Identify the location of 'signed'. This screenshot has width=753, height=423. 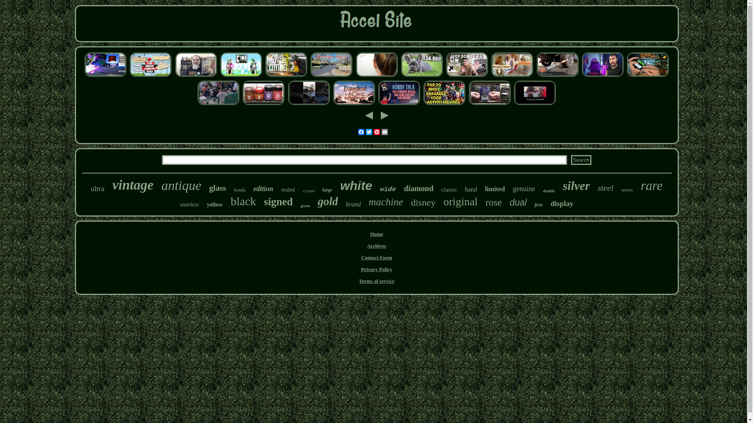
(278, 201).